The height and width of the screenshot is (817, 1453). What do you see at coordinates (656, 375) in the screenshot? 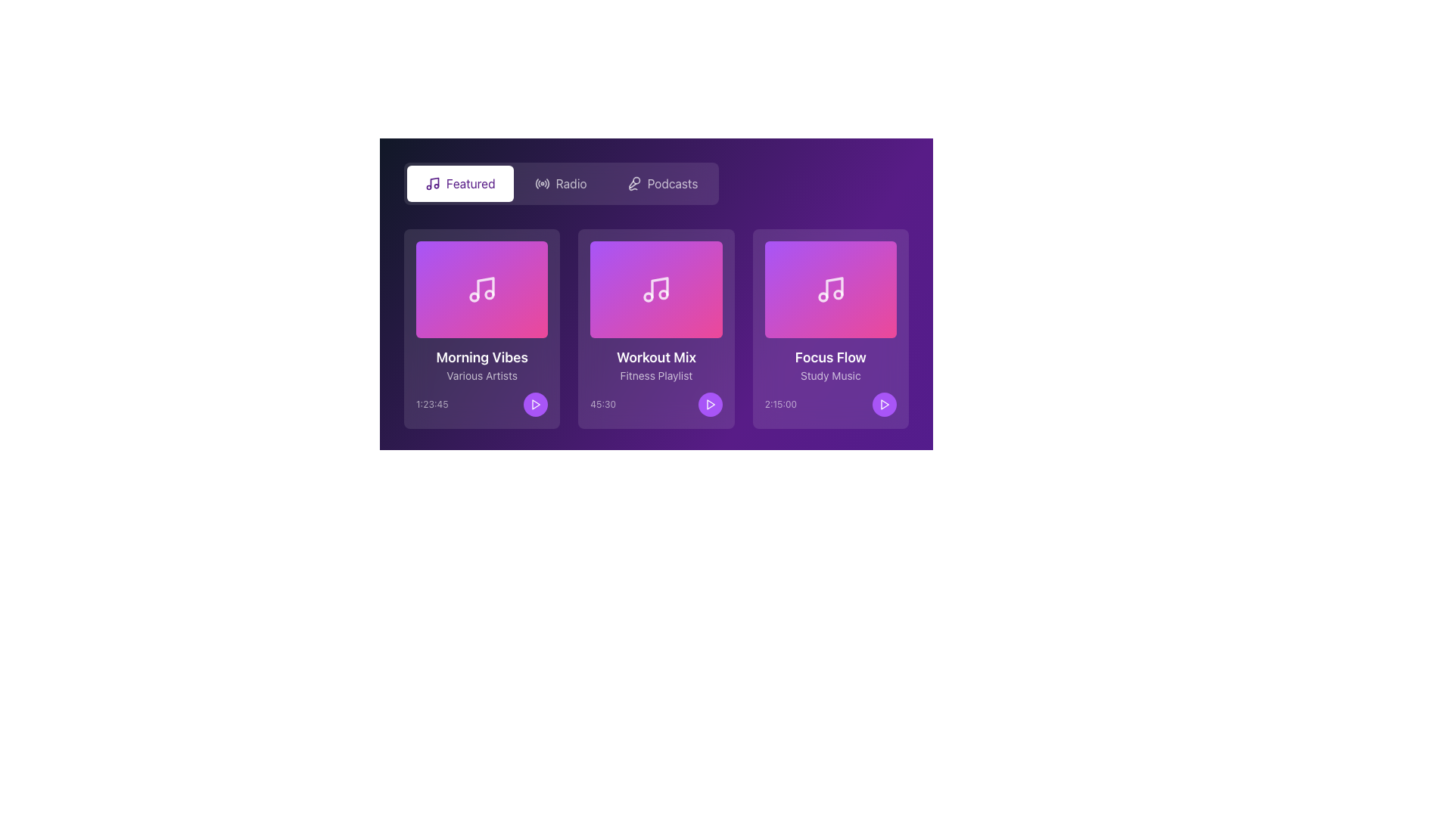
I see `text label indicating the type or category of the playlist located beneath the 'Workout Mix' text in the center card of the horizontal card list` at bounding box center [656, 375].